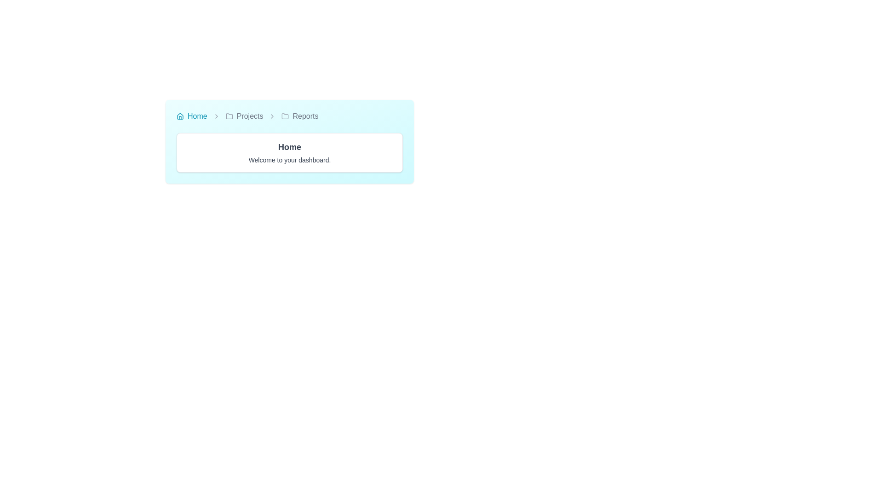 This screenshot has height=497, width=883. I want to click on the house icon located at the top-left corner of the breadcrumb bar, so click(180, 116).